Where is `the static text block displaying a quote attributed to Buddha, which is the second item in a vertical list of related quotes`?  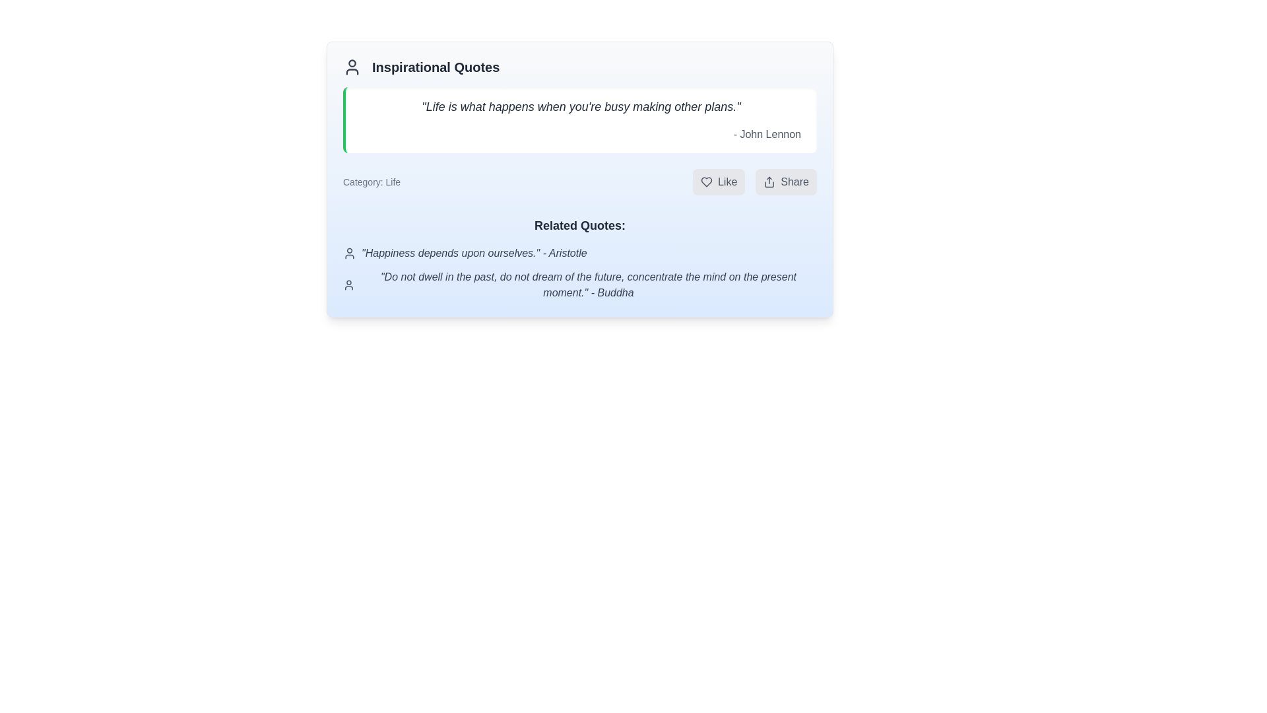 the static text block displaying a quote attributed to Buddha, which is the second item in a vertical list of related quotes is located at coordinates (579, 285).